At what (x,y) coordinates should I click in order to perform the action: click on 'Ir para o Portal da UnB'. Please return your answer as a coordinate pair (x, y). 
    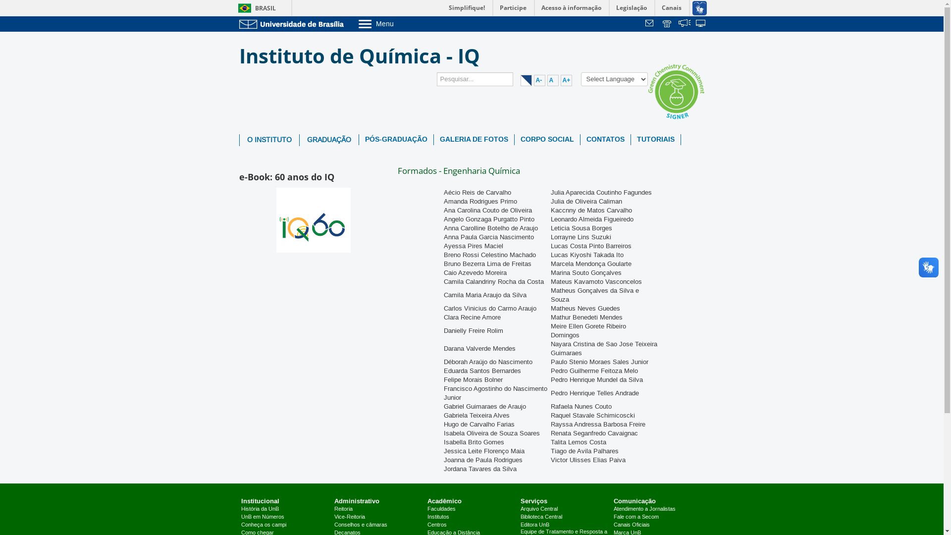
    Looking at the image, I should click on (238, 23).